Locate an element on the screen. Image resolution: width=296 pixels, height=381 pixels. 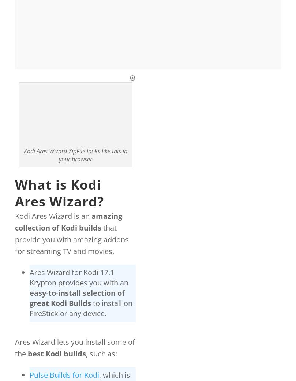
'Ares Wizard for Kodi 17.1 Krypton provides you with an' is located at coordinates (79, 277).